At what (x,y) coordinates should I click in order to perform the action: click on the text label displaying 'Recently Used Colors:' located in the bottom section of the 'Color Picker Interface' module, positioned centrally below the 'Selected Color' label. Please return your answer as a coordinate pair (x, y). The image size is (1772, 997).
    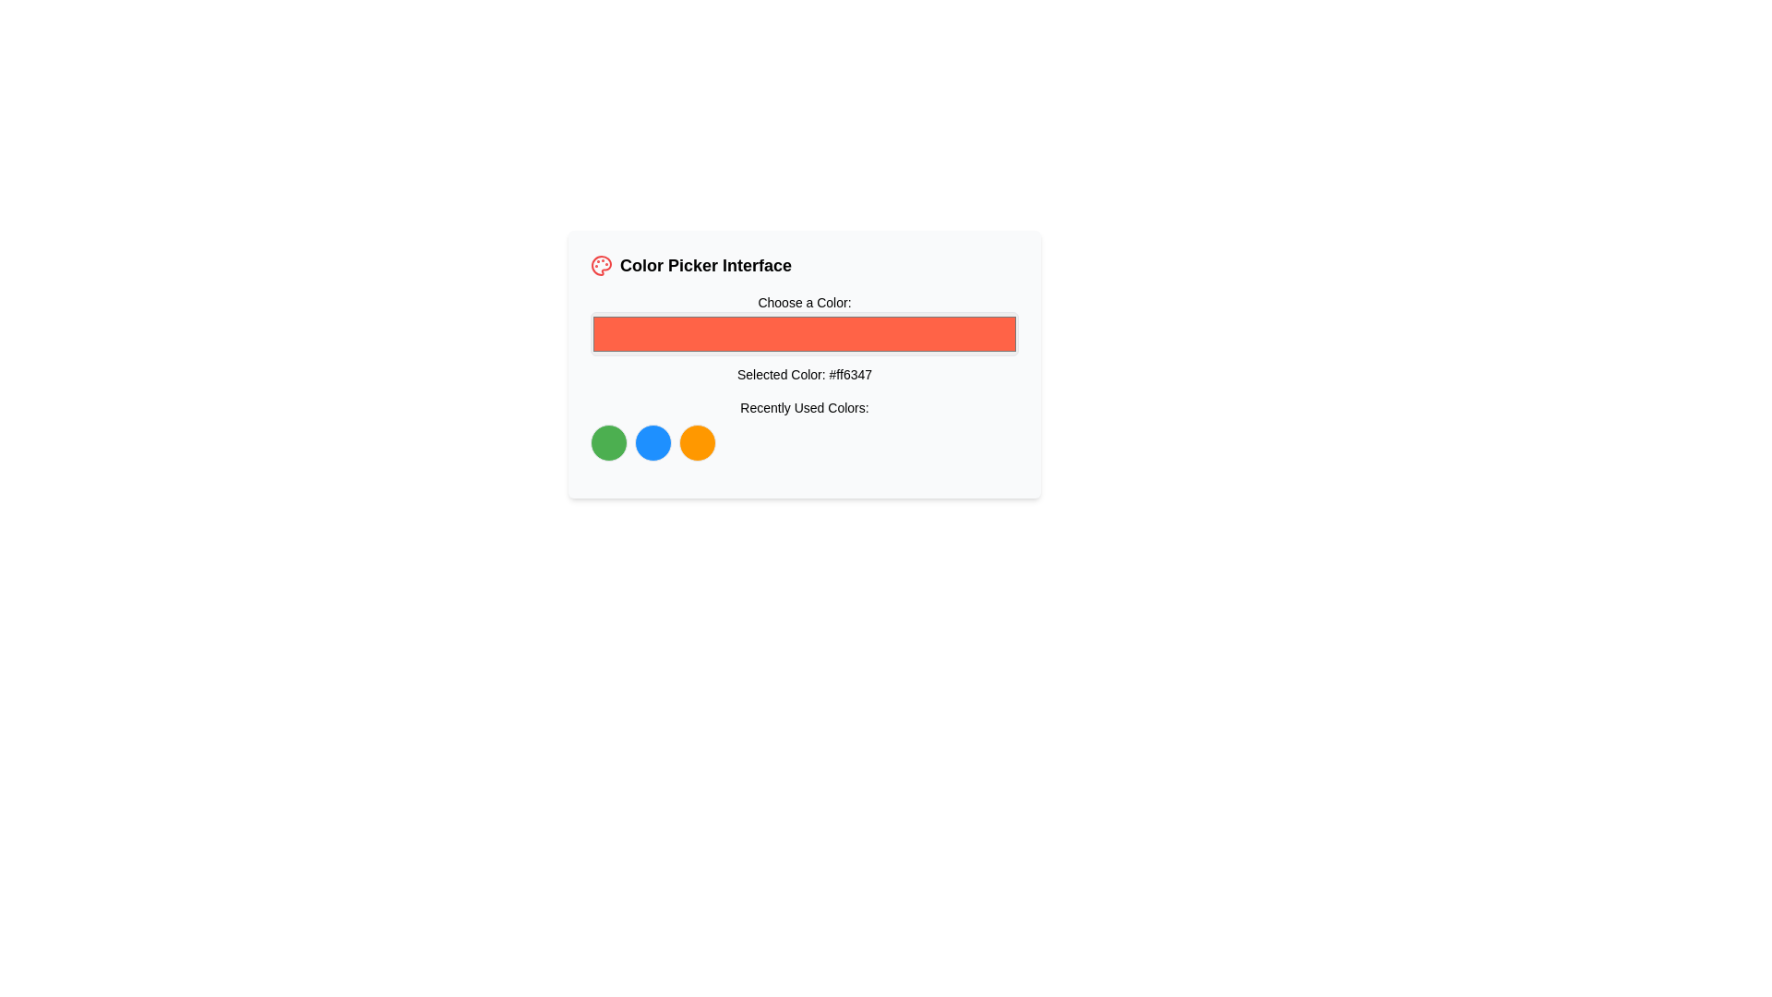
    Looking at the image, I should click on (805, 407).